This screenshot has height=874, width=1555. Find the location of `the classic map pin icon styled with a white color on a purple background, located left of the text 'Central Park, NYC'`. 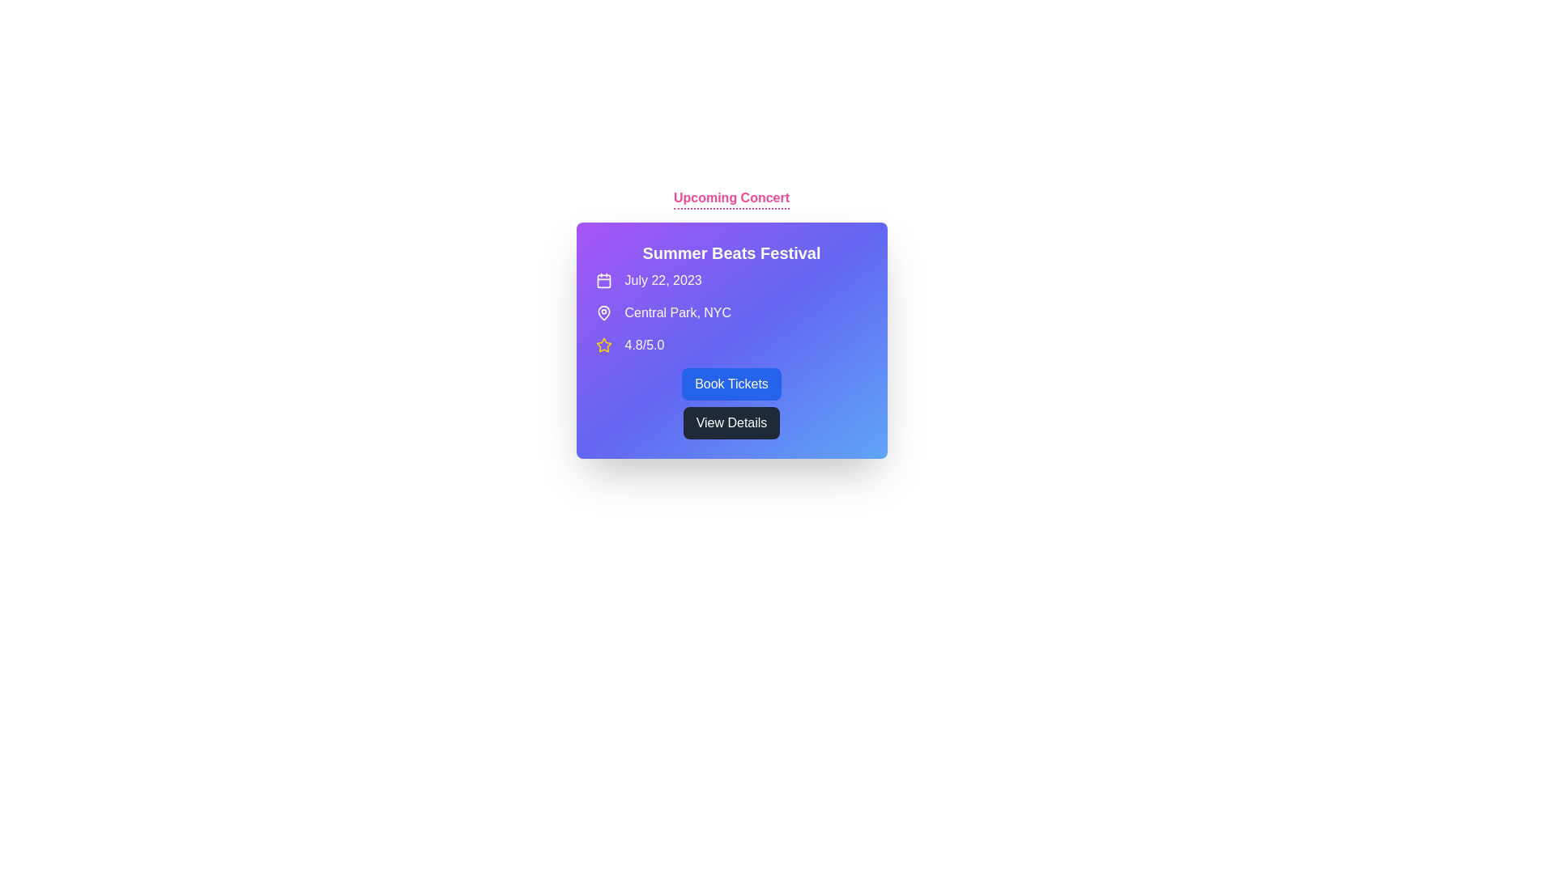

the classic map pin icon styled with a white color on a purple background, located left of the text 'Central Park, NYC' is located at coordinates (603, 312).